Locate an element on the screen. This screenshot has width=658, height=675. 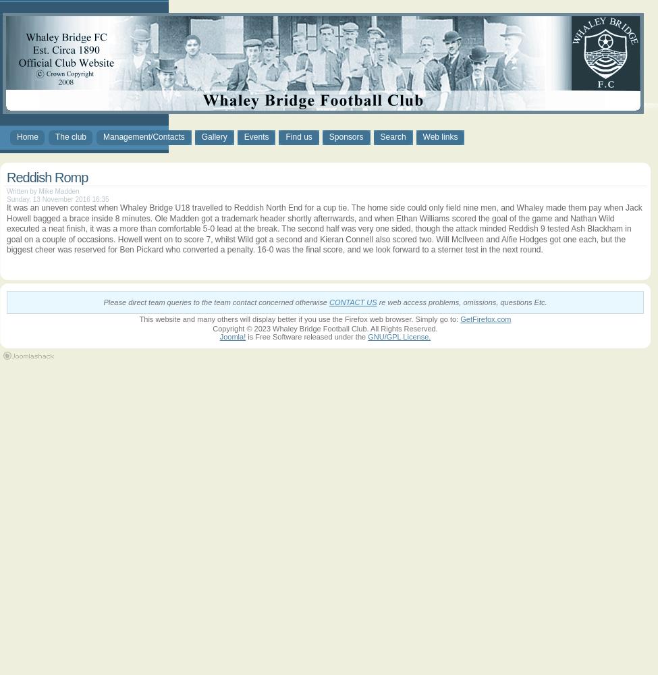
'Reddish Romp' is located at coordinates (7, 178).